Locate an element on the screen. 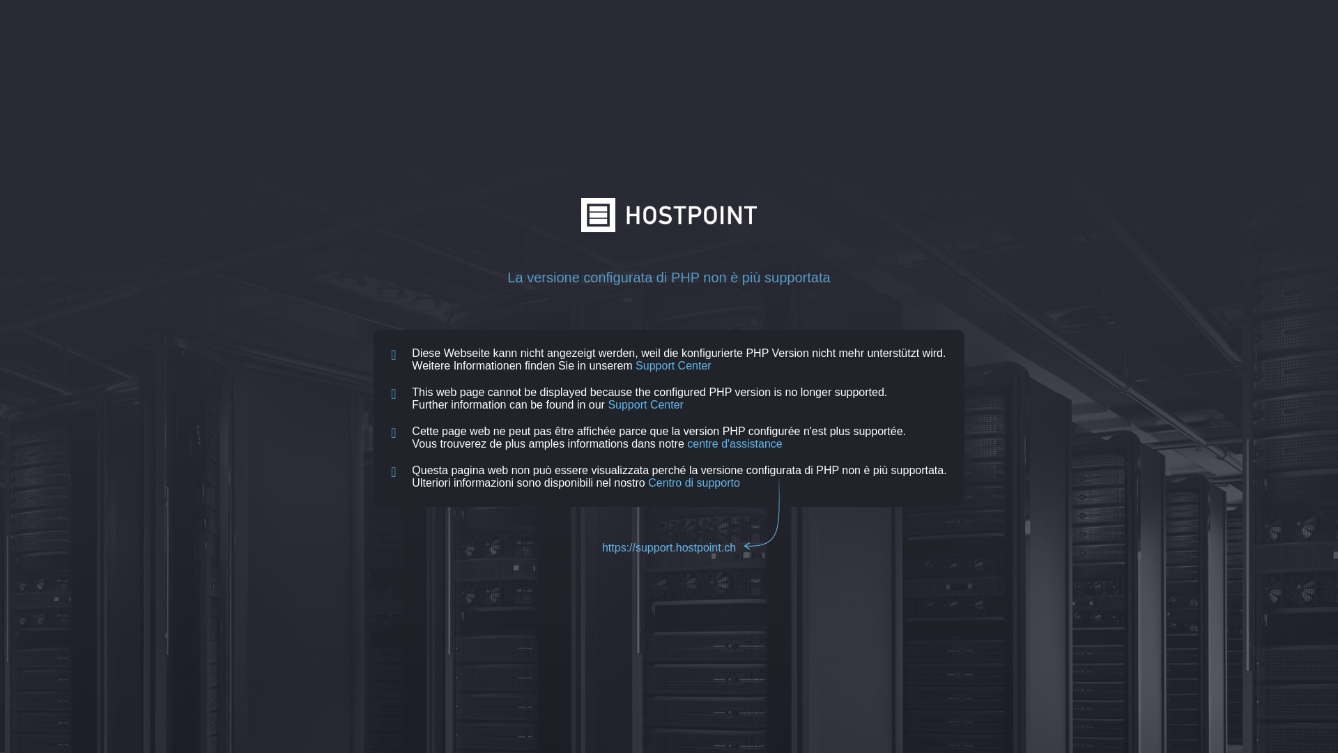 This screenshot has height=753, width=1338. 'Centro di supporto' is located at coordinates (694, 482).